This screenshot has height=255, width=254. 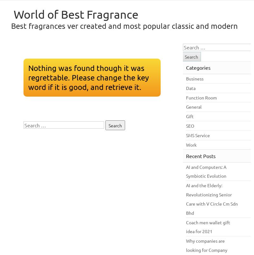 What do you see at coordinates (186, 97) in the screenshot?
I see `'Function Room'` at bounding box center [186, 97].